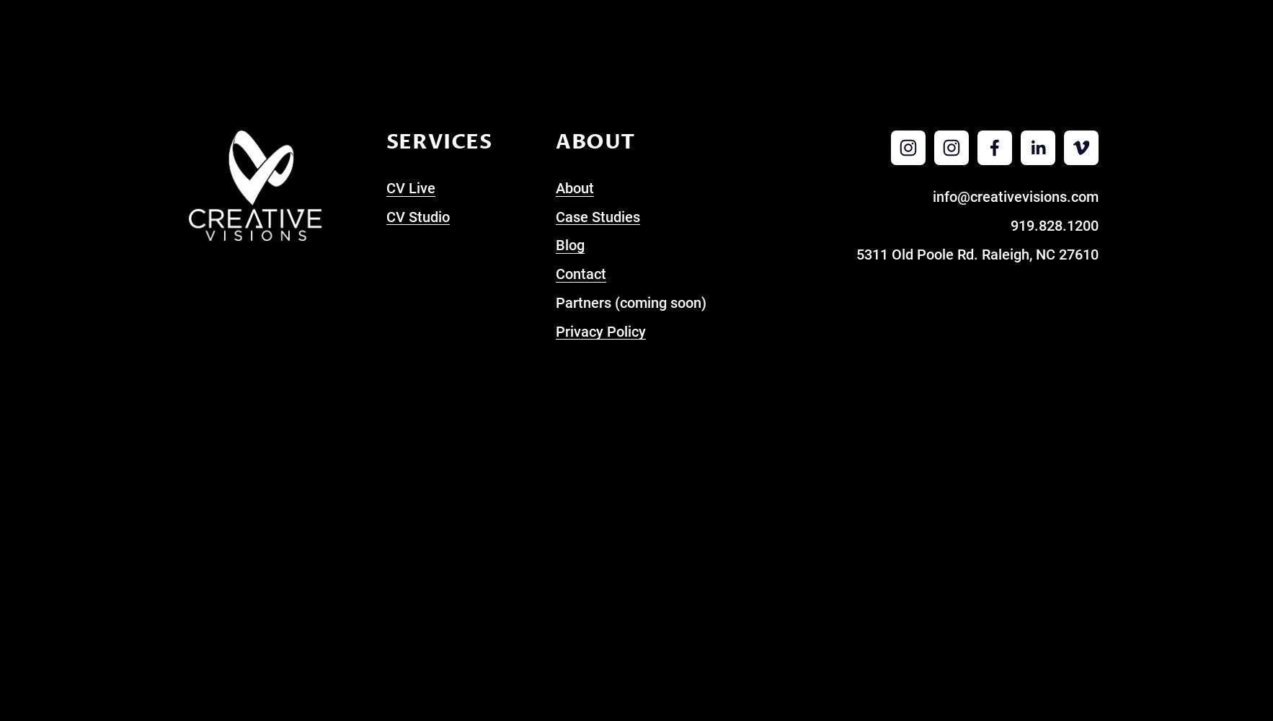 This screenshot has height=721, width=1273. I want to click on 'Services', so click(385, 141).